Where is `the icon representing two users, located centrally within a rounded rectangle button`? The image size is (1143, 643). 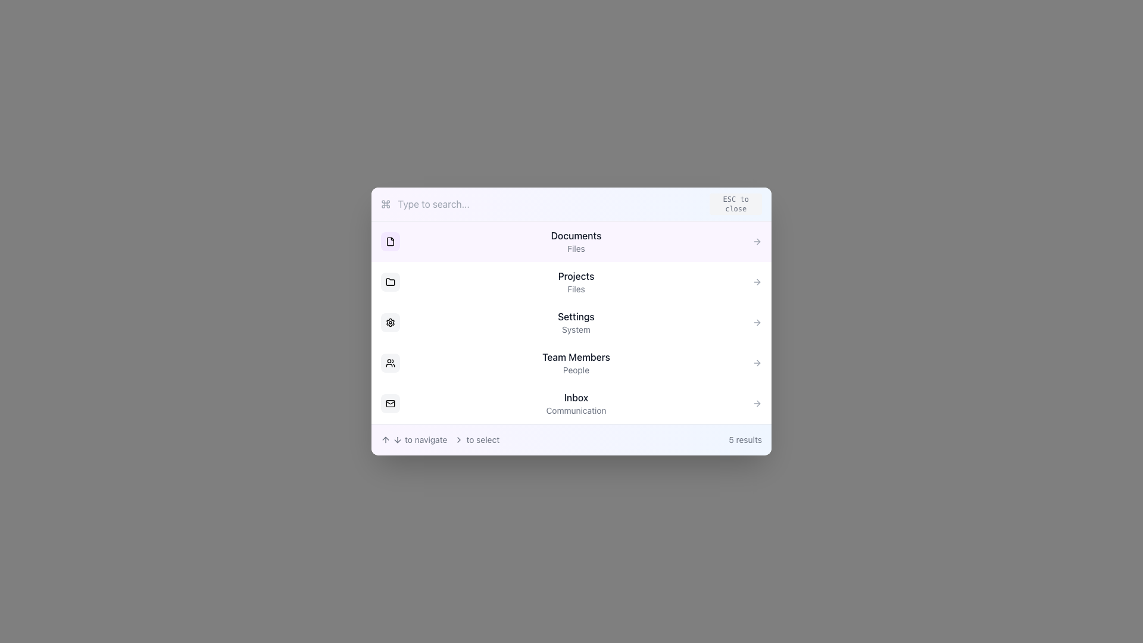
the icon representing two users, located centrally within a rounded rectangle button is located at coordinates (391, 362).